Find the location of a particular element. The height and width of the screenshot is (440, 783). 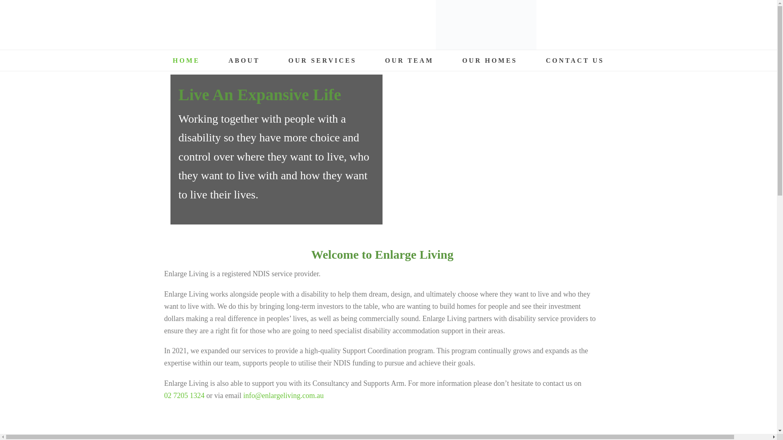

'OUR SERVICES' is located at coordinates (274, 60).